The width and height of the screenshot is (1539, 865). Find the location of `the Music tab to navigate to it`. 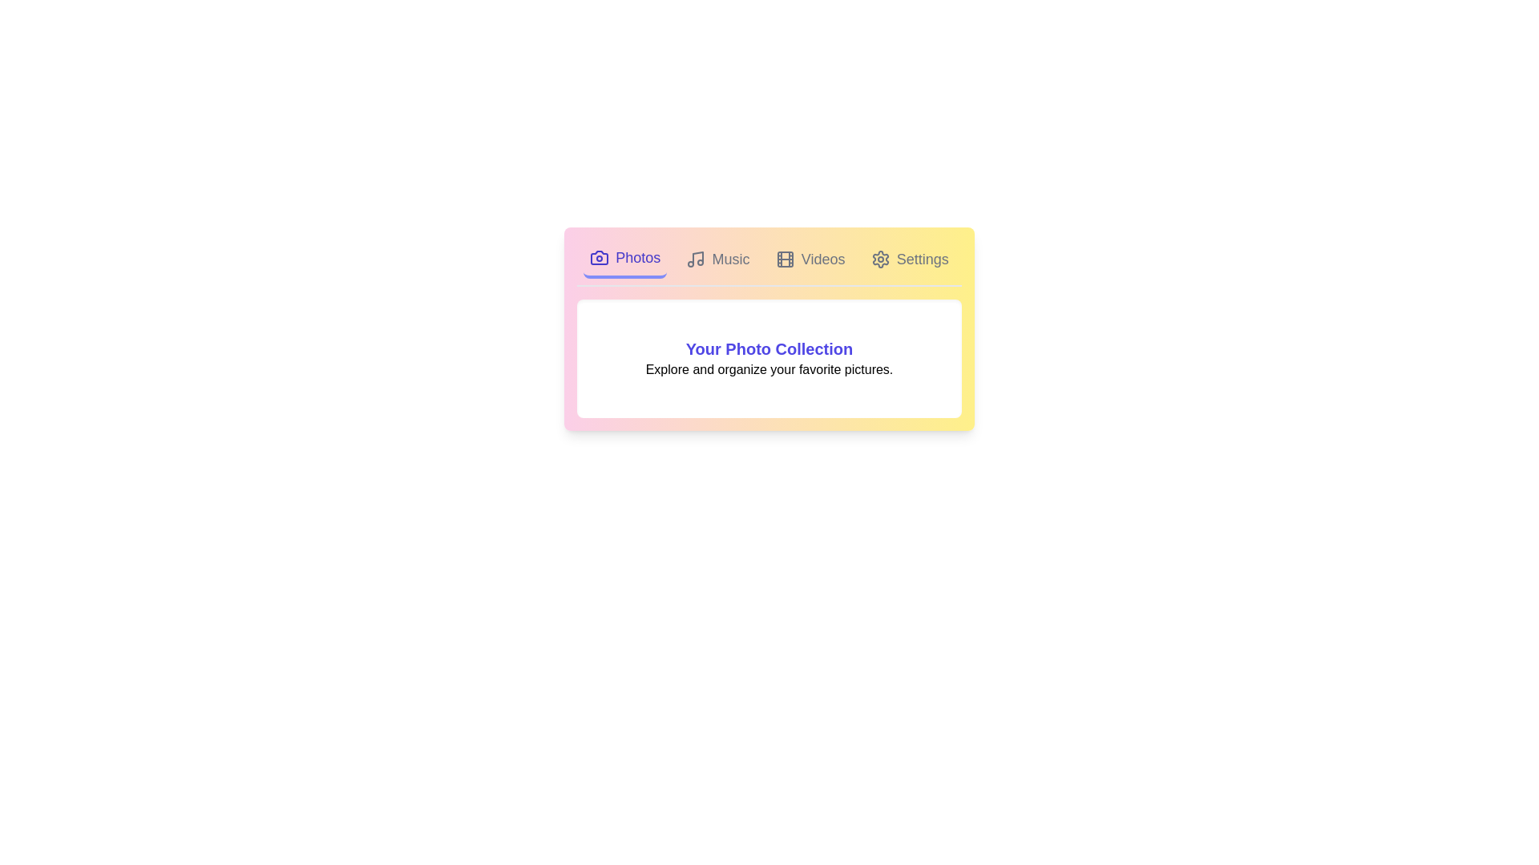

the Music tab to navigate to it is located at coordinates (717, 259).